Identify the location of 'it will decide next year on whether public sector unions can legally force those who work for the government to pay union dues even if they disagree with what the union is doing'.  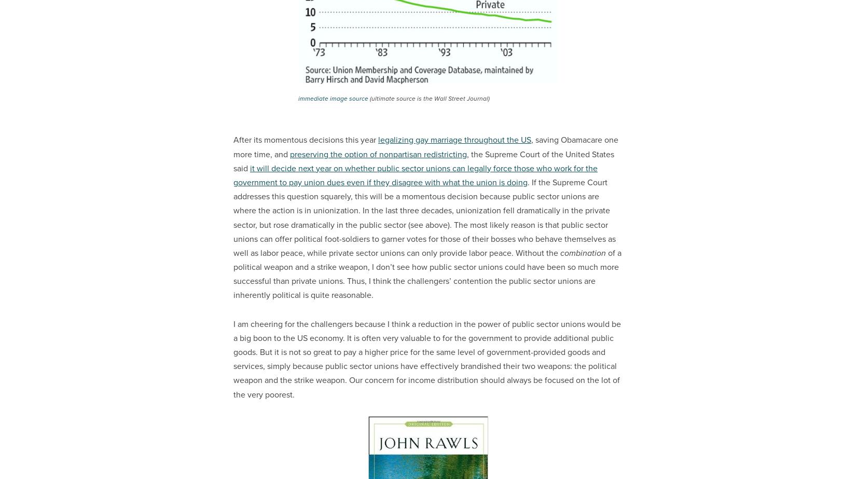
(415, 174).